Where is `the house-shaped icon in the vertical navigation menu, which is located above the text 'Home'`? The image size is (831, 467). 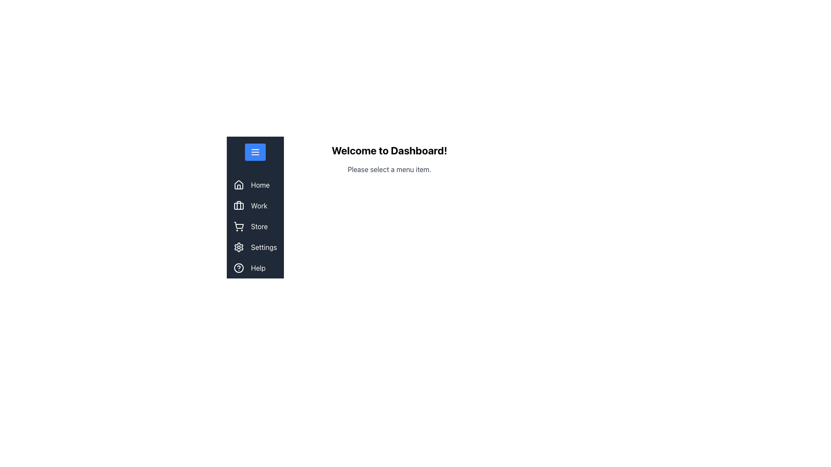 the house-shaped icon in the vertical navigation menu, which is located above the text 'Home' is located at coordinates (239, 184).